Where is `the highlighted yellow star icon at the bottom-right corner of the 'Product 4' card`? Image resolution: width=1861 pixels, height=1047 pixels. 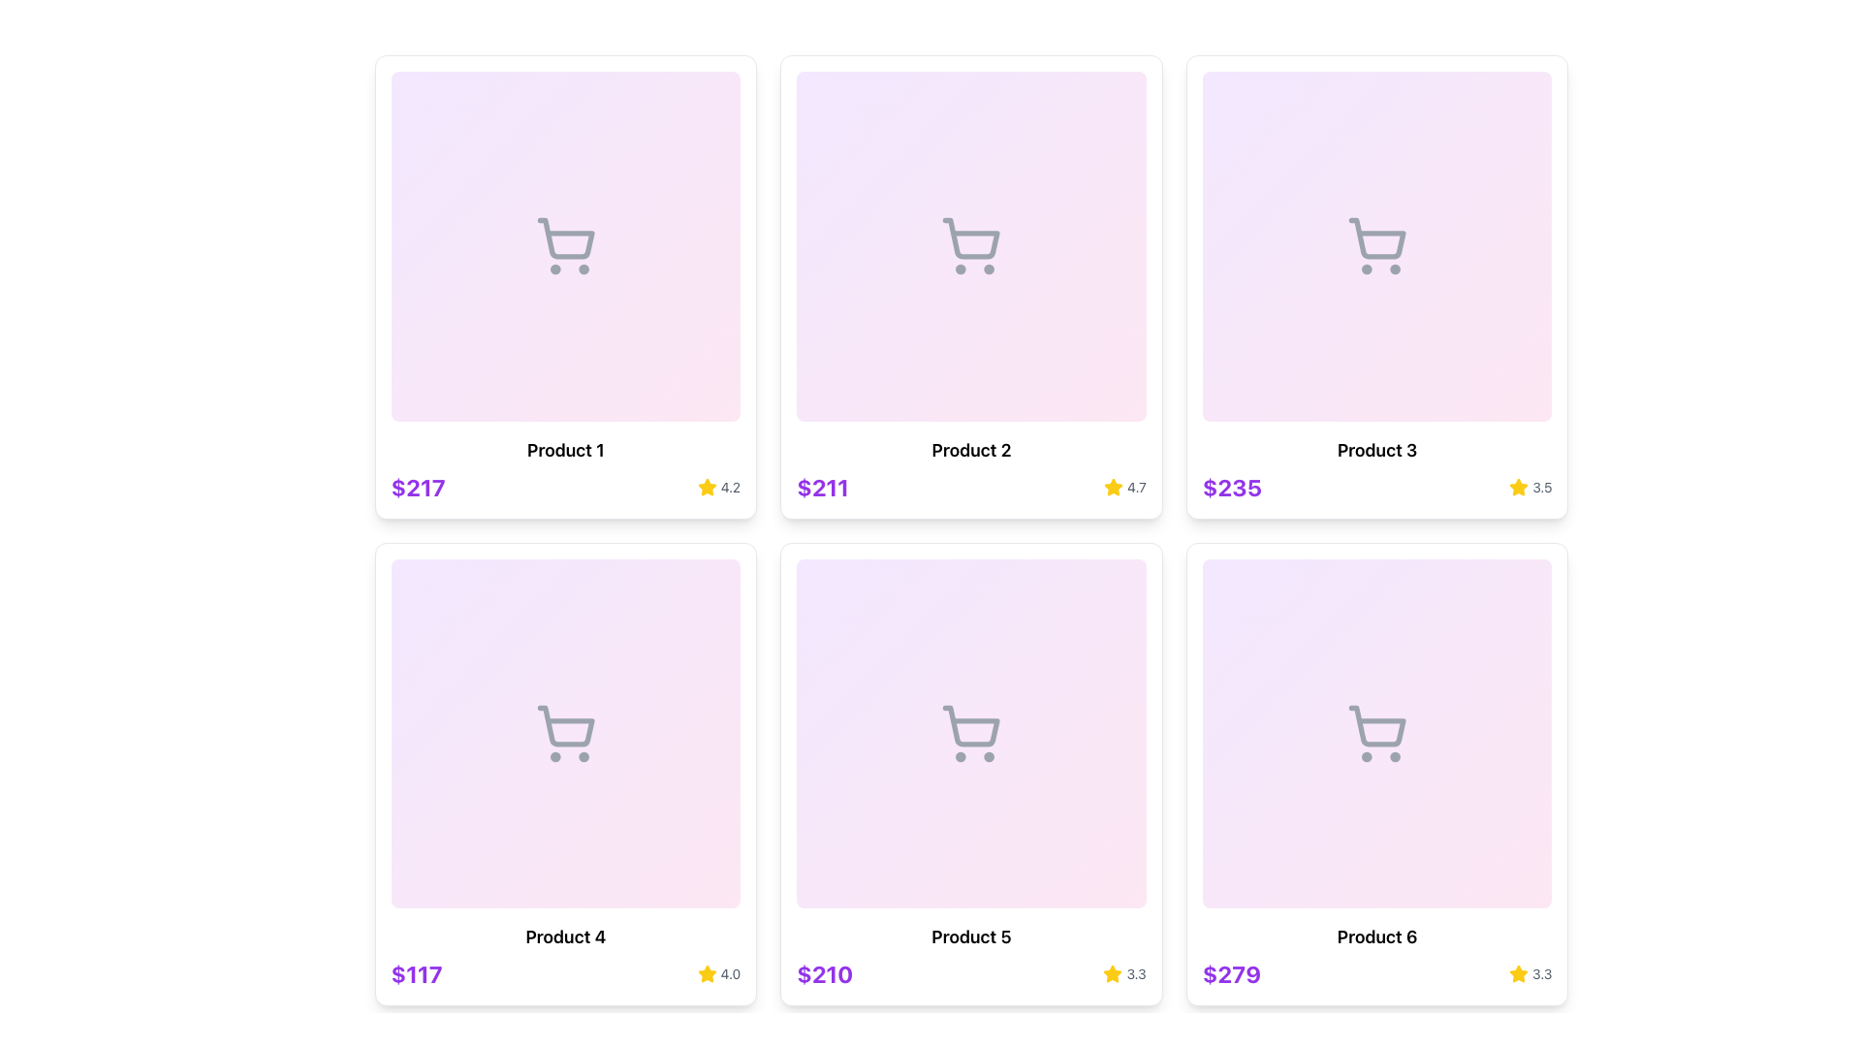 the highlighted yellow star icon at the bottom-right corner of the 'Product 4' card is located at coordinates (706, 974).